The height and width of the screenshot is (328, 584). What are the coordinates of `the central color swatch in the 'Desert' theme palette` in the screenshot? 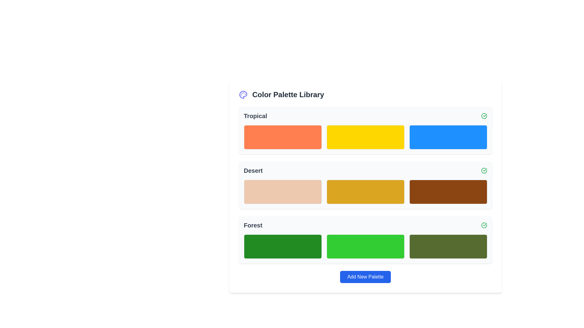 It's located at (365, 185).